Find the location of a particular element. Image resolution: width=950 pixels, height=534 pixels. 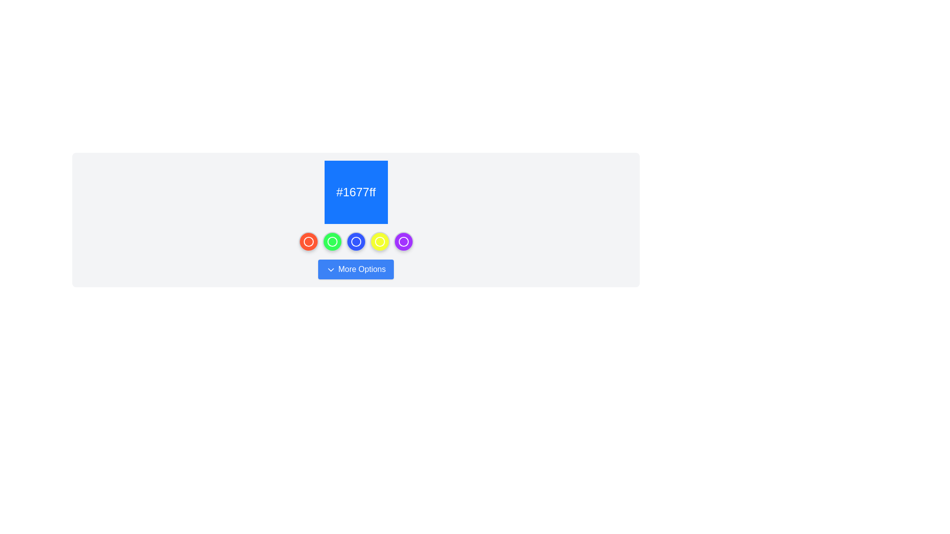

the sixth circular button located below the blue square labeled '#1677ff' is located at coordinates (403, 242).